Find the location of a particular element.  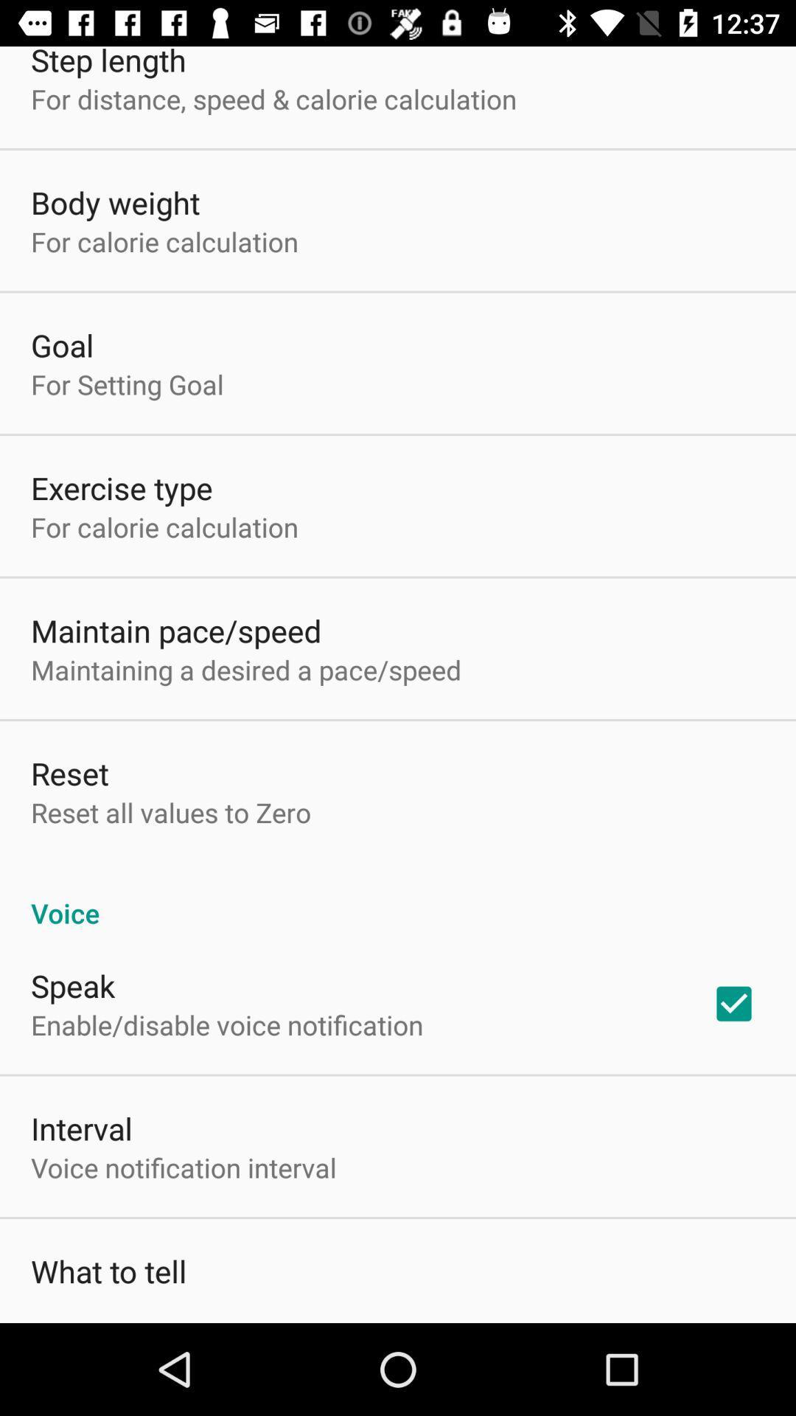

item next to the enable disable voice is located at coordinates (733, 1003).